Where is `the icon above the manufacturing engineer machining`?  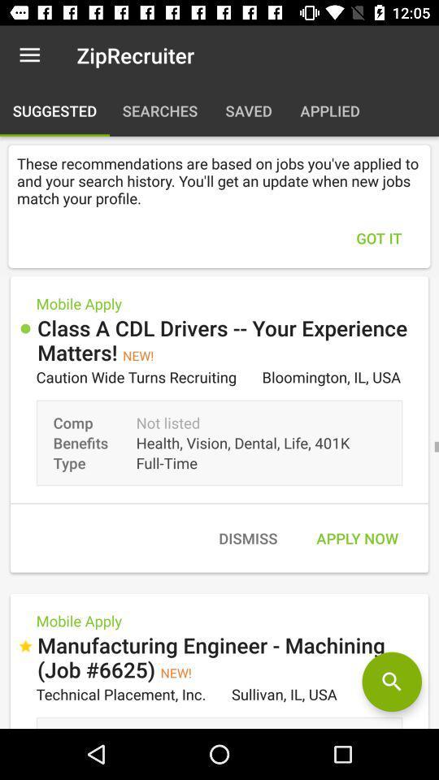 the icon above the manufacturing engineer machining is located at coordinates (248, 538).